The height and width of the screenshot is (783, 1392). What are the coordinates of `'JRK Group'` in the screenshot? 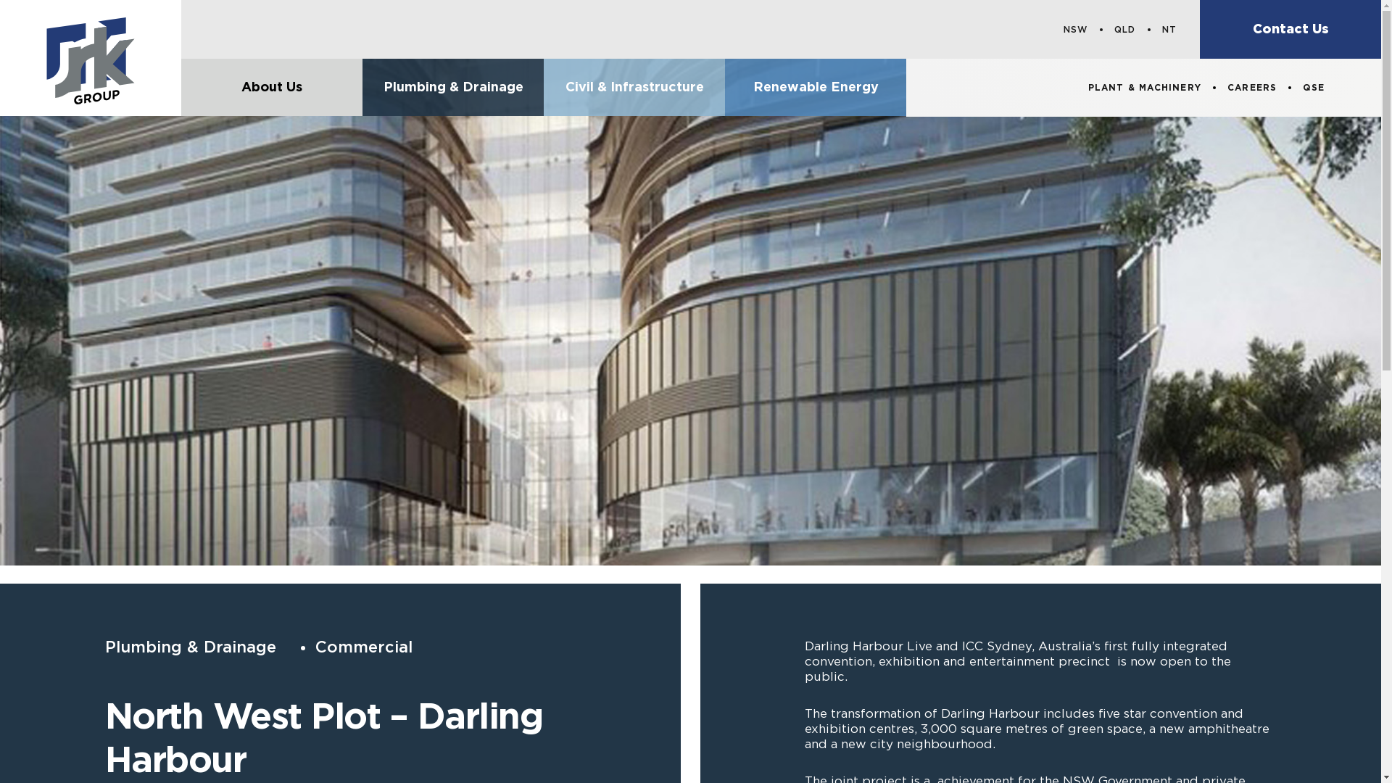 It's located at (89, 57).